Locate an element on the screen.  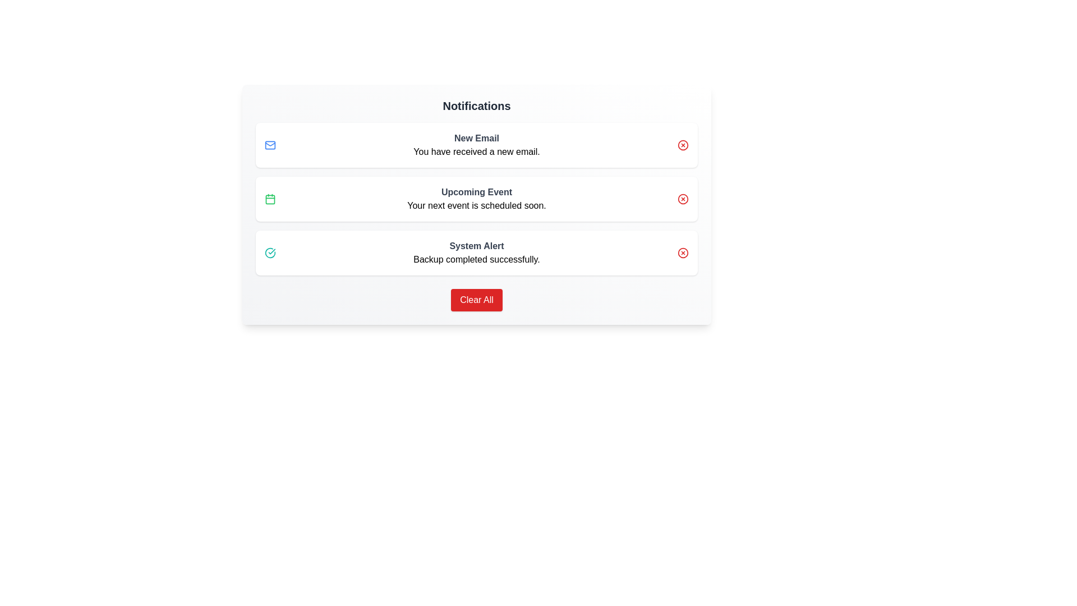
the Text Label that informs users about the successful completion of a backup process, located at the bottom of the notification list under the 'System Alert' header is located at coordinates (476, 259).